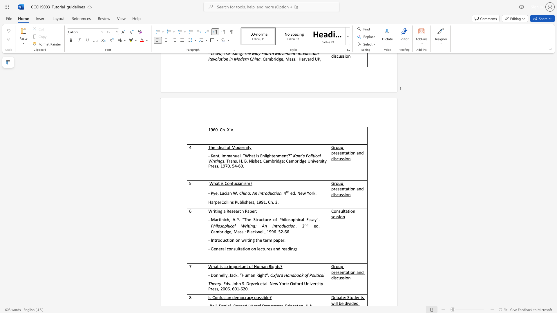 The height and width of the screenshot is (313, 557). What do you see at coordinates (246, 240) in the screenshot?
I see `the subset text "iting the term pa" within the text "Introduction on writing the term paper."` at bounding box center [246, 240].